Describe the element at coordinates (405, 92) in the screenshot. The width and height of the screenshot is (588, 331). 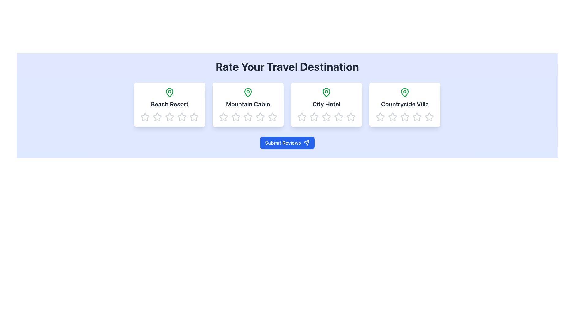
I see `the location information icon for the 'Countryside Villa' destination, which is positioned at the center-top of the card above the label and rating section` at that location.